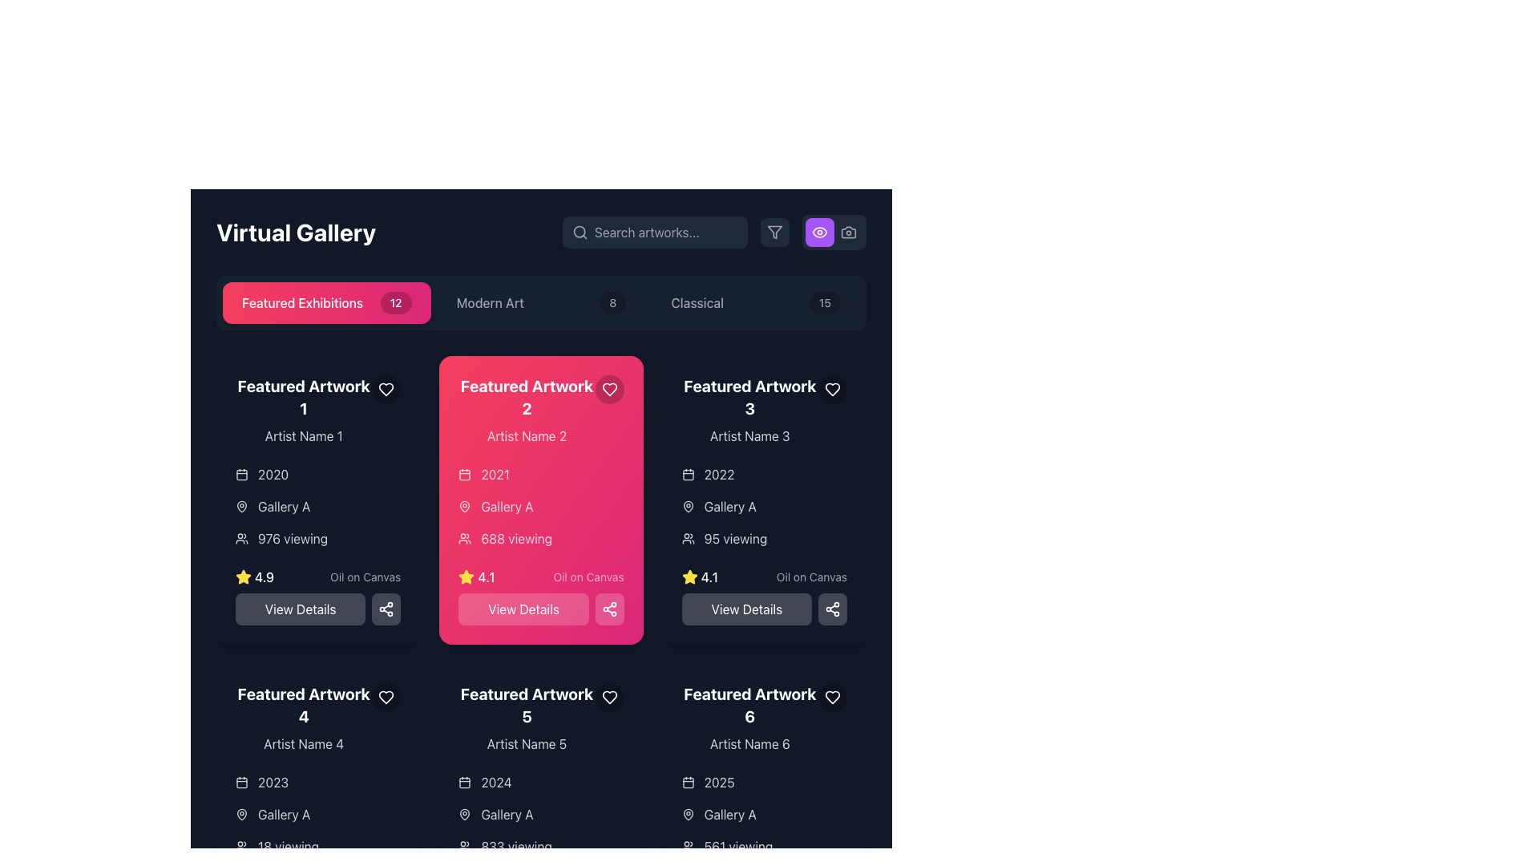 The image size is (1539, 866). Describe the element at coordinates (832, 390) in the screenshot. I see `the circular button with a heart icon located` at that location.